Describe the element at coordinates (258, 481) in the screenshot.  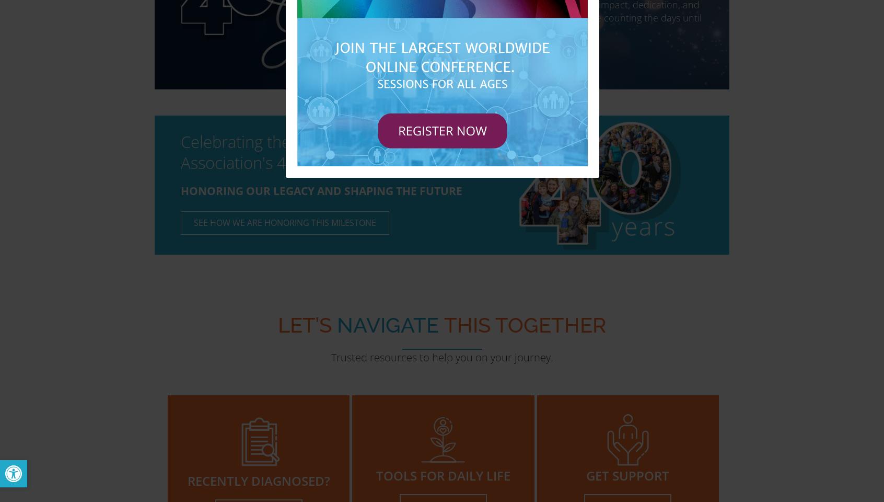
I see `'Recently Diagnosed?'` at that location.